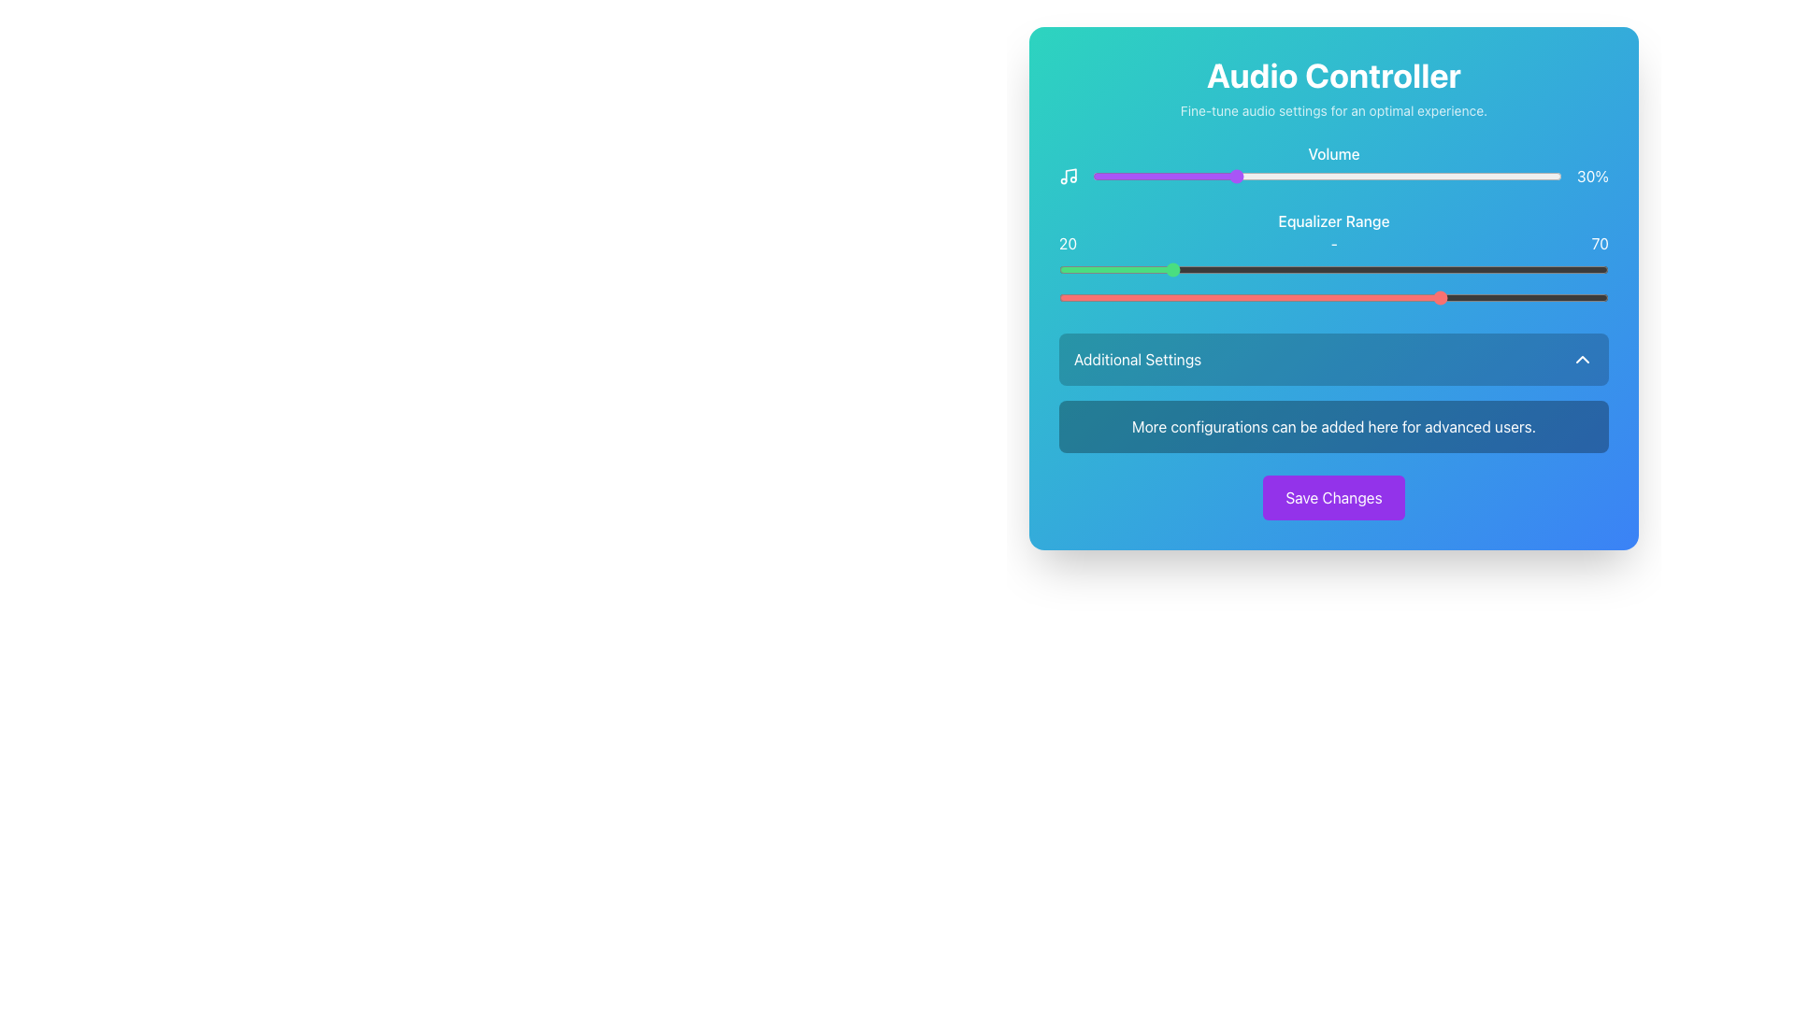 This screenshot has height=1009, width=1795. What do you see at coordinates (1134, 177) in the screenshot?
I see `the slider` at bounding box center [1134, 177].